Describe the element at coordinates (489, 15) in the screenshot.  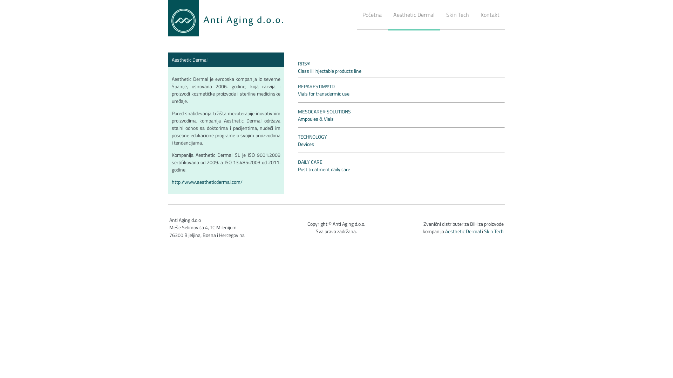
I see `'Kontakt'` at that location.